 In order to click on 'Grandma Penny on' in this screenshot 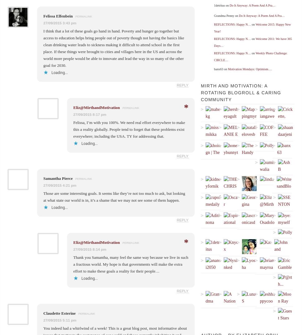, I will do `click(214, 15)`.